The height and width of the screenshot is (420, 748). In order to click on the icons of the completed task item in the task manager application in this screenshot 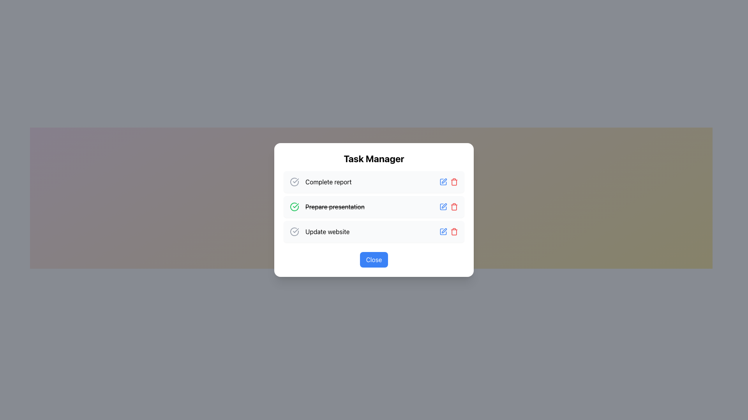, I will do `click(374, 206)`.